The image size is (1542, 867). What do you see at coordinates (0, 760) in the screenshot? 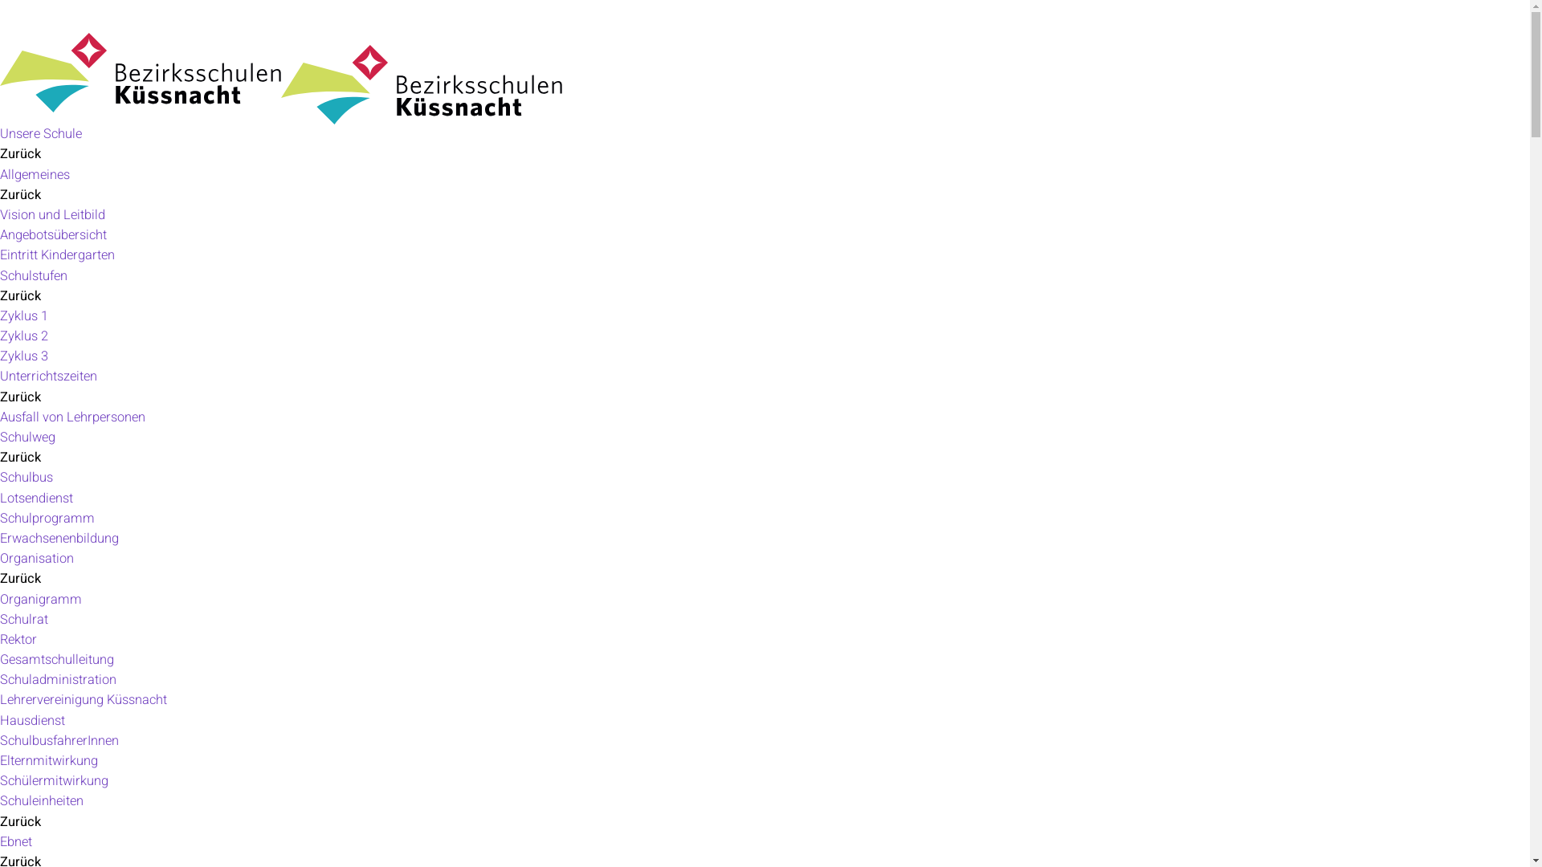
I see `'Elternmitwirkung'` at bounding box center [0, 760].